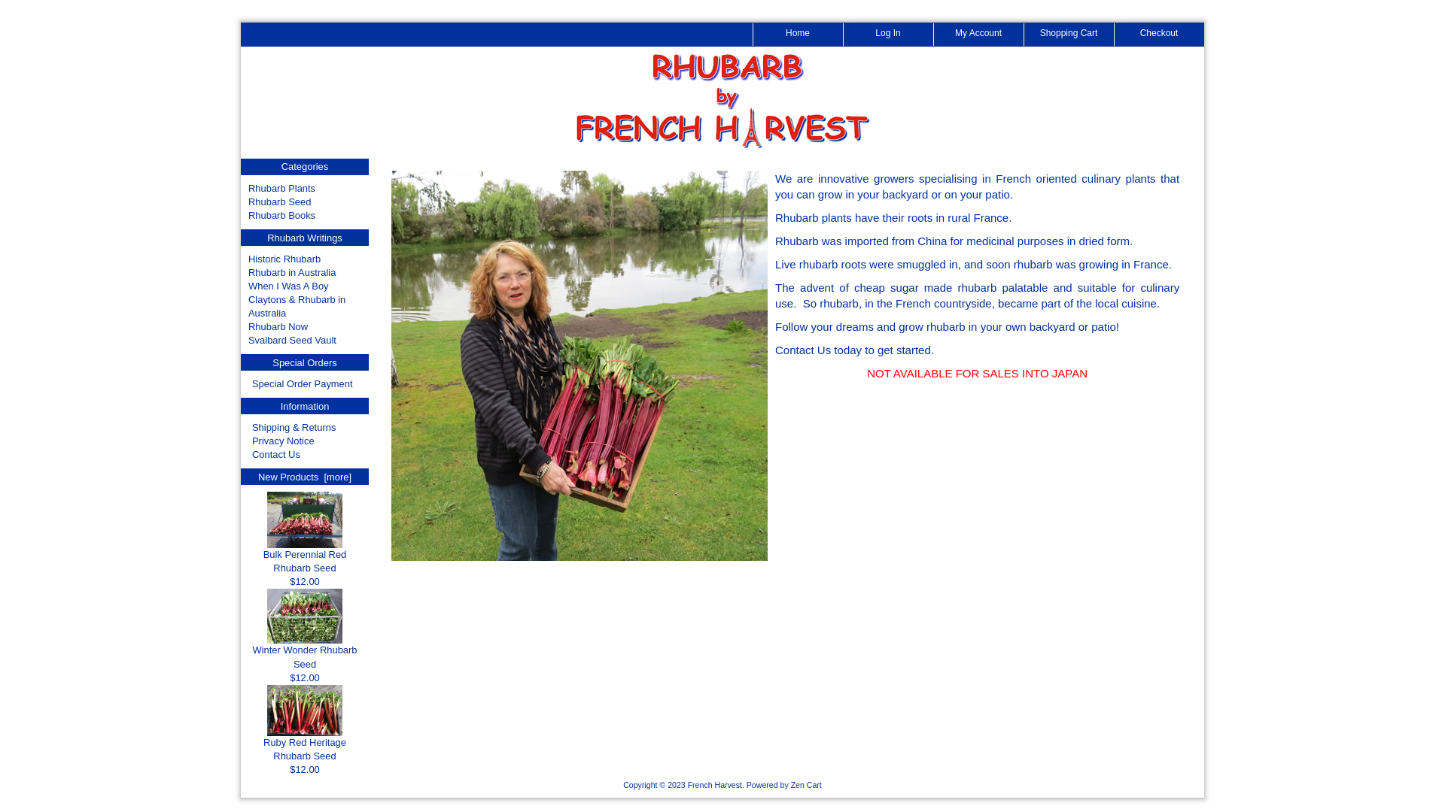 The height and width of the screenshot is (812, 1445). I want to click on 'Contact Us', so click(275, 453).